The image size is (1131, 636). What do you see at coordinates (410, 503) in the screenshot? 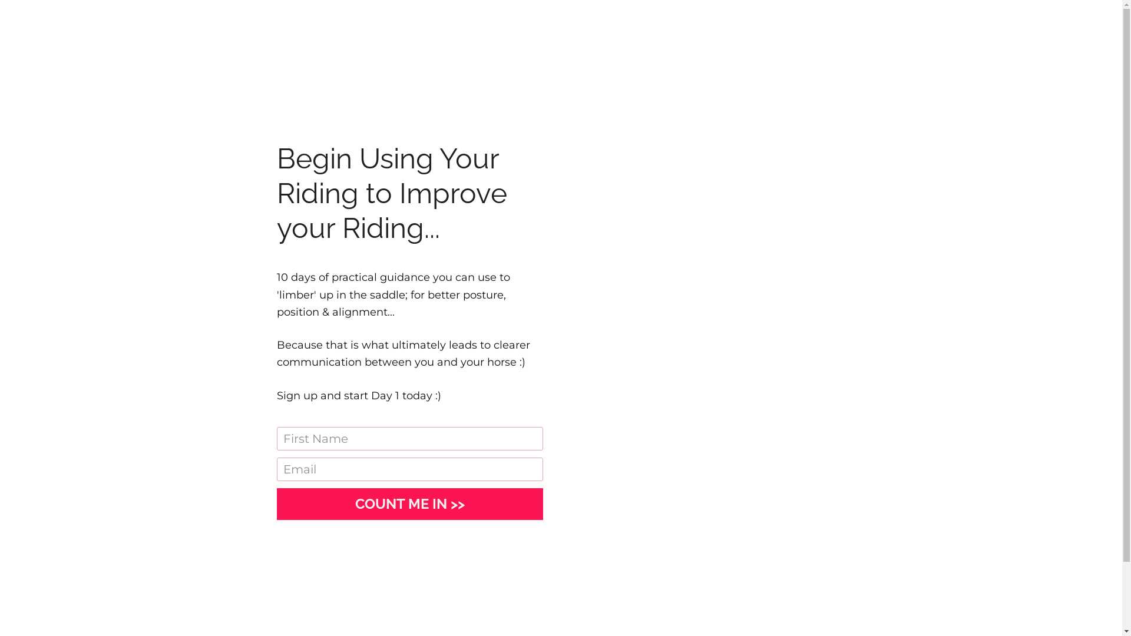
I see `'COUNT ME IN >>'` at bounding box center [410, 503].